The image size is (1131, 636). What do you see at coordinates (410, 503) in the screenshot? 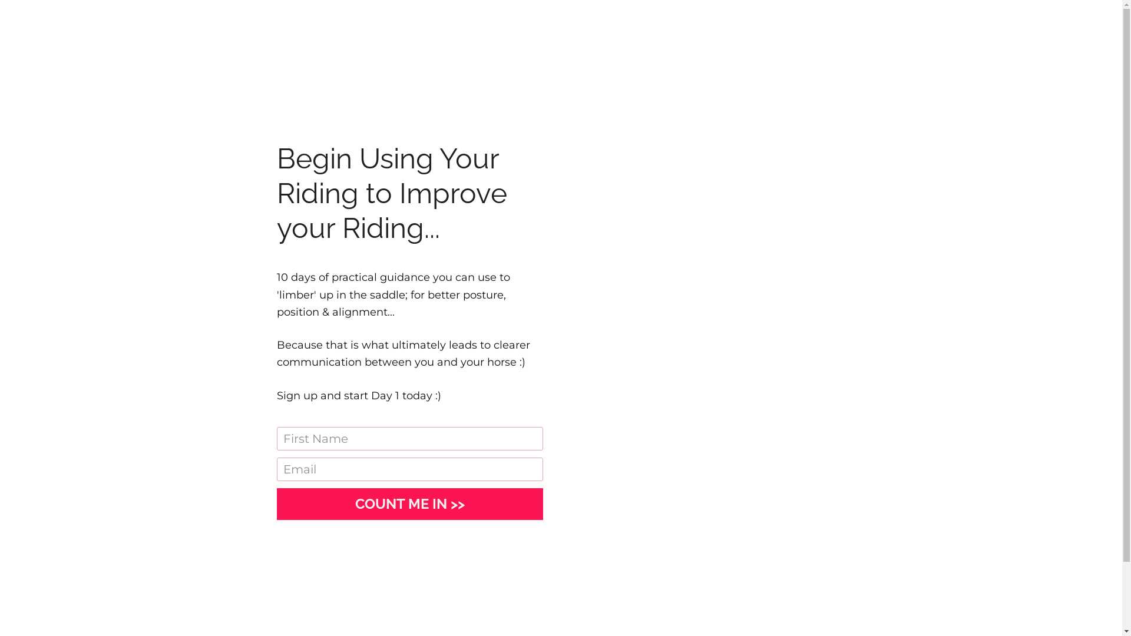
I see `'COUNT ME IN >>'` at bounding box center [410, 503].